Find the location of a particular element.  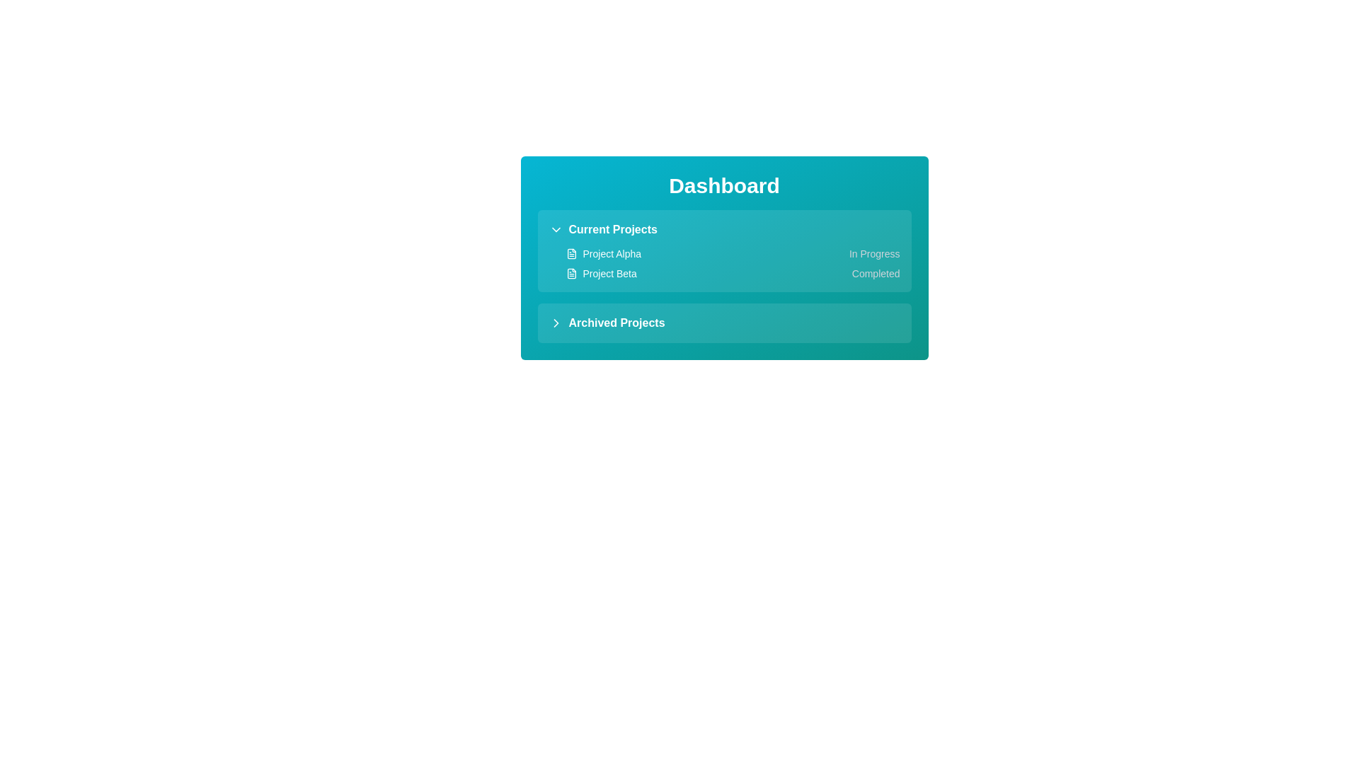

the project name or label in the 'Current Projects' list is located at coordinates (601, 273).